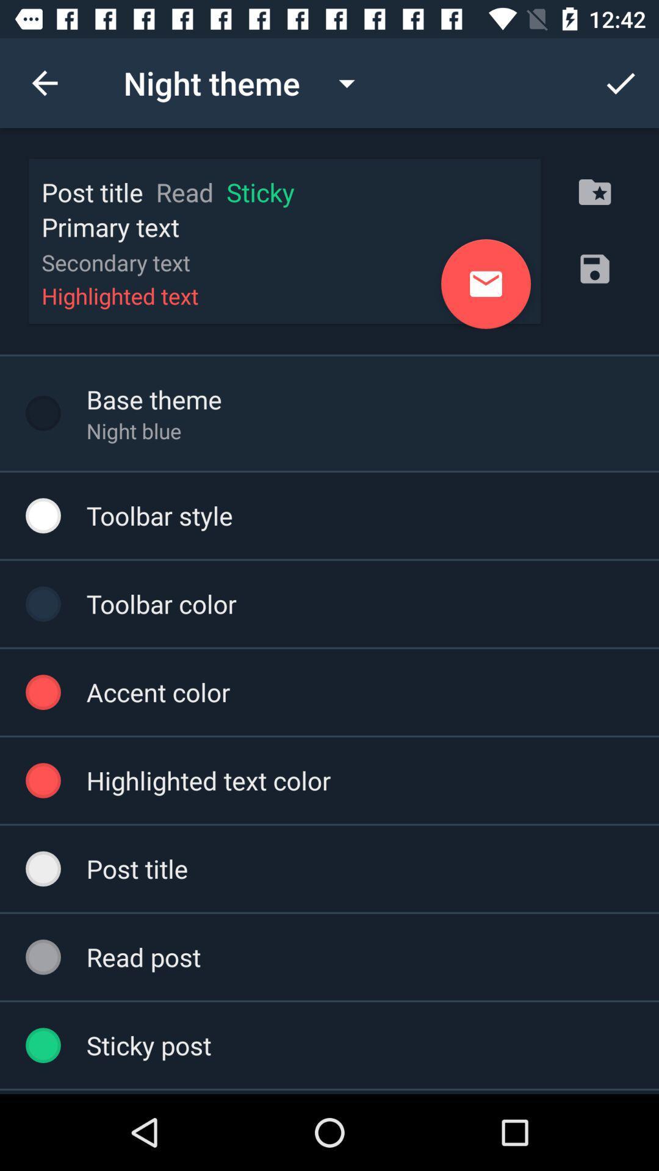  Describe the element at coordinates (250, 82) in the screenshot. I see `the drop down at top left of the page` at that location.